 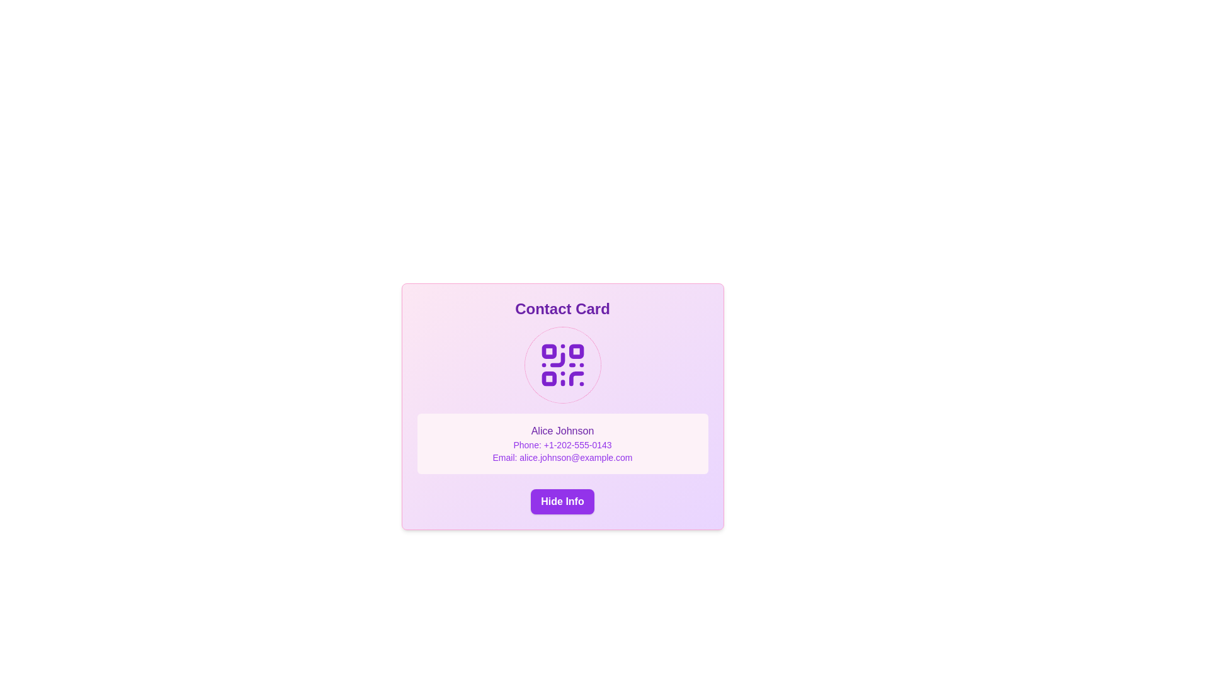 I want to click on the text label displaying 'Phone: +1-202-555-0143', which is centrally aligned and styled in purple, positioned between 'Alice Johnson' and 'Email: alice.johnson@example.com', so click(x=562, y=444).